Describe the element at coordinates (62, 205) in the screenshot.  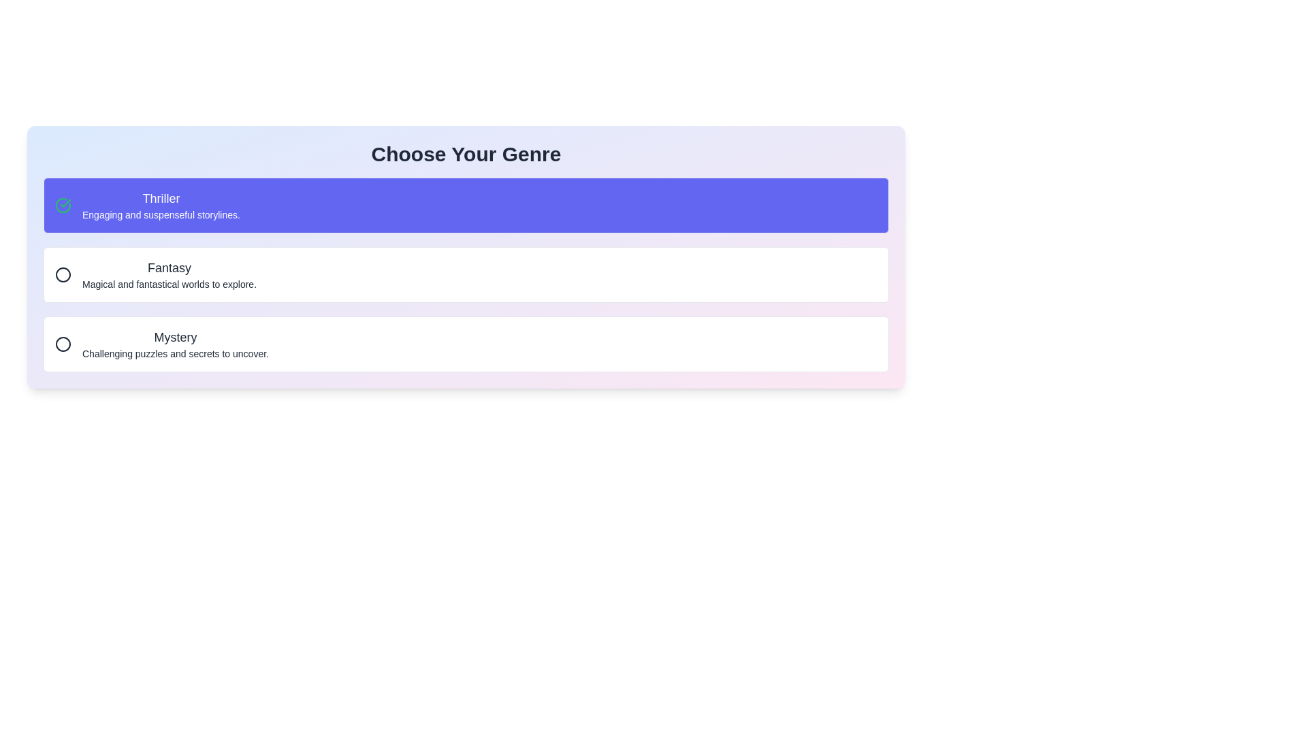
I see `the circular SVG icon located within the blue-highlighted rectangle labeled 'Thriller' to interact with its functionality` at that location.